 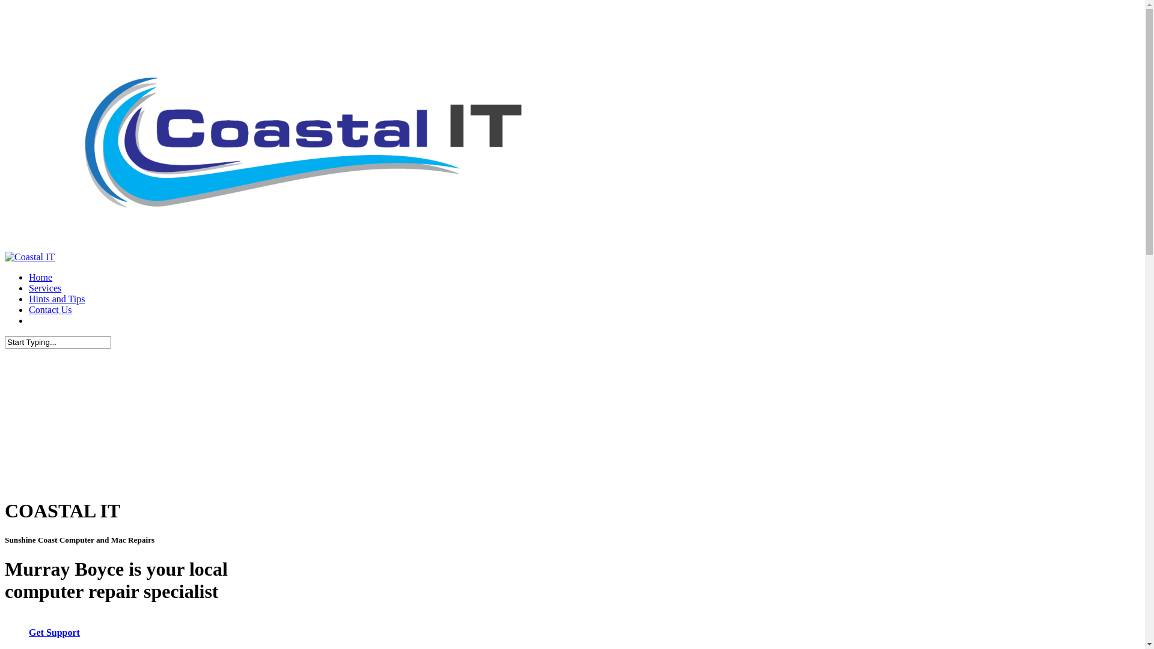 I want to click on 'Services', so click(x=45, y=288).